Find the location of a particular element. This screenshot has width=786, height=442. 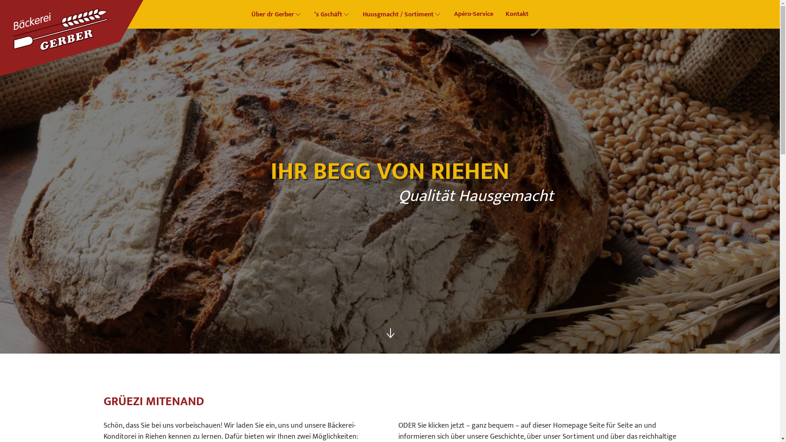

'Kontakt' is located at coordinates (516, 14).